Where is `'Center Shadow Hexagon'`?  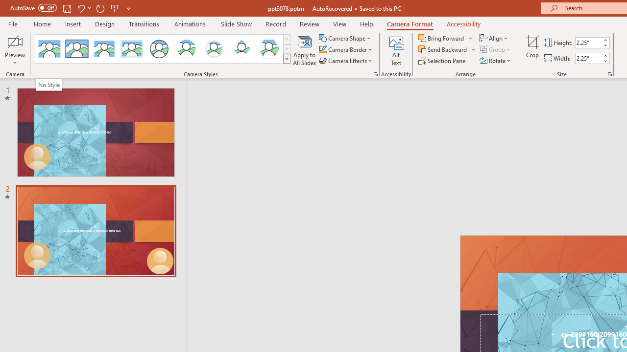
'Center Shadow Hexagon' is located at coordinates (269, 49).